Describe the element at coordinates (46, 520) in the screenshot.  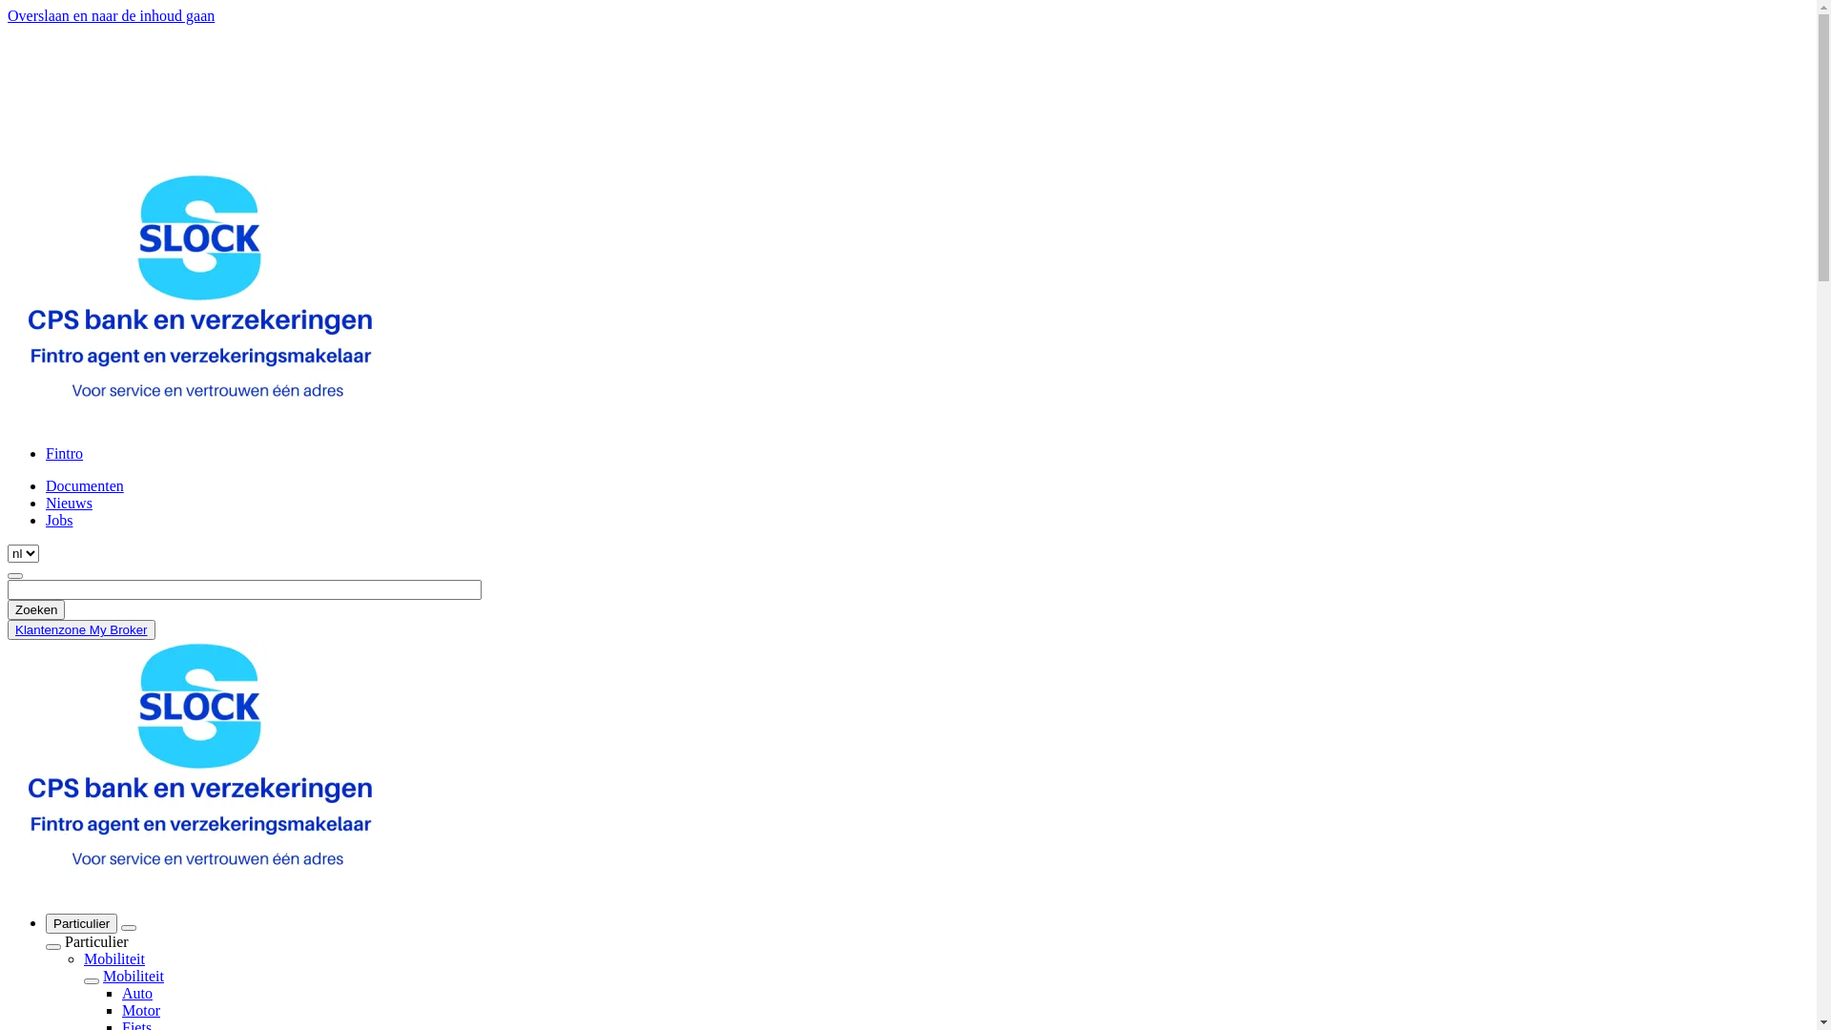
I see `'Jobs'` at that location.